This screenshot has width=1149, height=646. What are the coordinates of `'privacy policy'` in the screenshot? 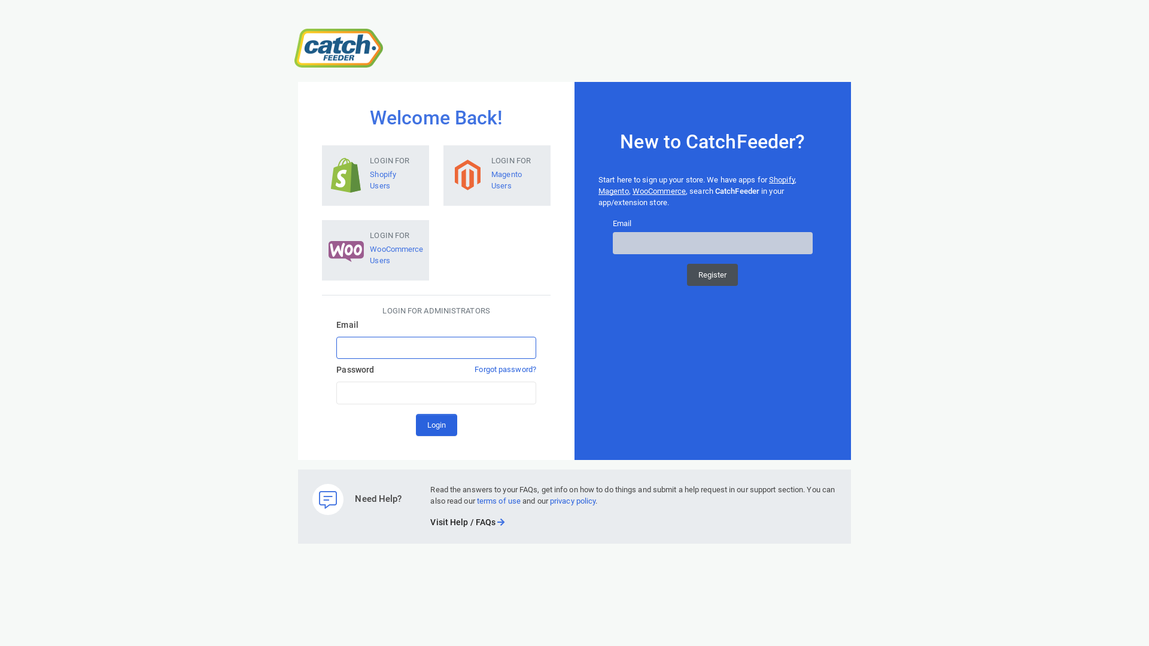 It's located at (572, 501).